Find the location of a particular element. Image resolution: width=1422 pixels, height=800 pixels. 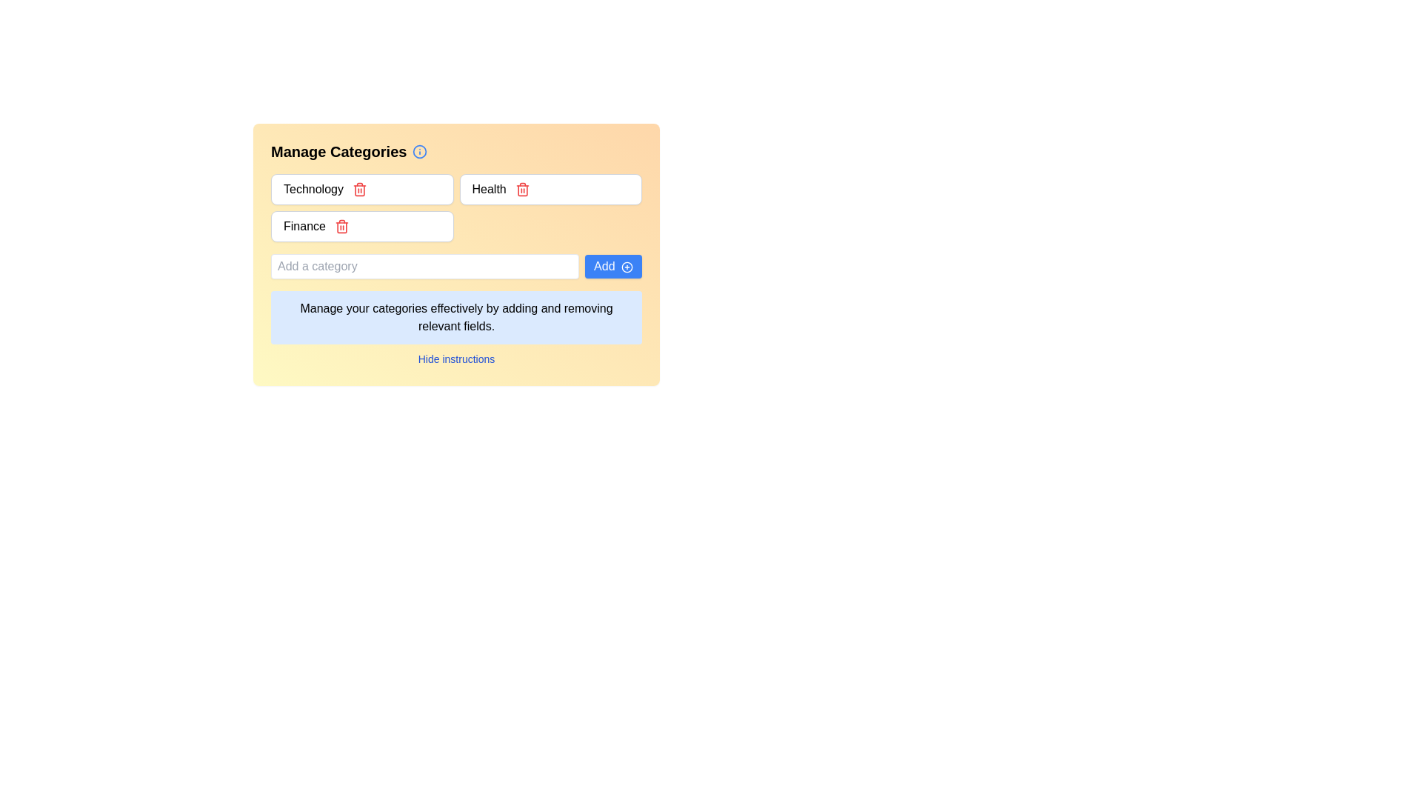

the main body of the trash can icon, which is styled with simple vector graphics and located to the right of the text 'Finance' in the category list is located at coordinates (341, 227).